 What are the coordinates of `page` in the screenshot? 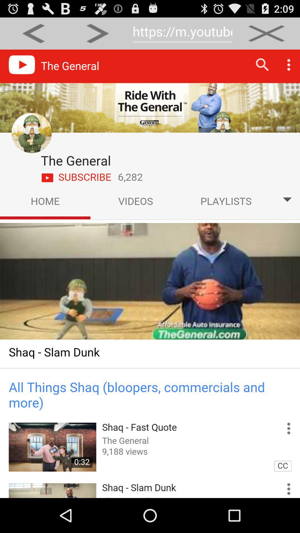 It's located at (266, 33).